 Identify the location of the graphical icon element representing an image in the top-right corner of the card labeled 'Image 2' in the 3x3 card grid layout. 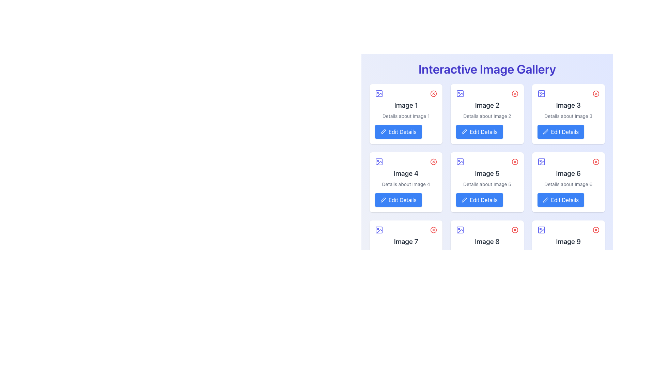
(460, 93).